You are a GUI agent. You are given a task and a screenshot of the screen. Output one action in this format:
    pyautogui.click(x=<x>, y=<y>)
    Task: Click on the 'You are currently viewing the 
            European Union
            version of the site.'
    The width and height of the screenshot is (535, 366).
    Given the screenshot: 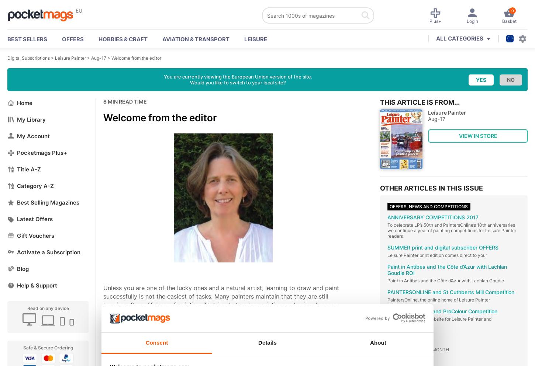 What is the action you would take?
    pyautogui.click(x=237, y=77)
    